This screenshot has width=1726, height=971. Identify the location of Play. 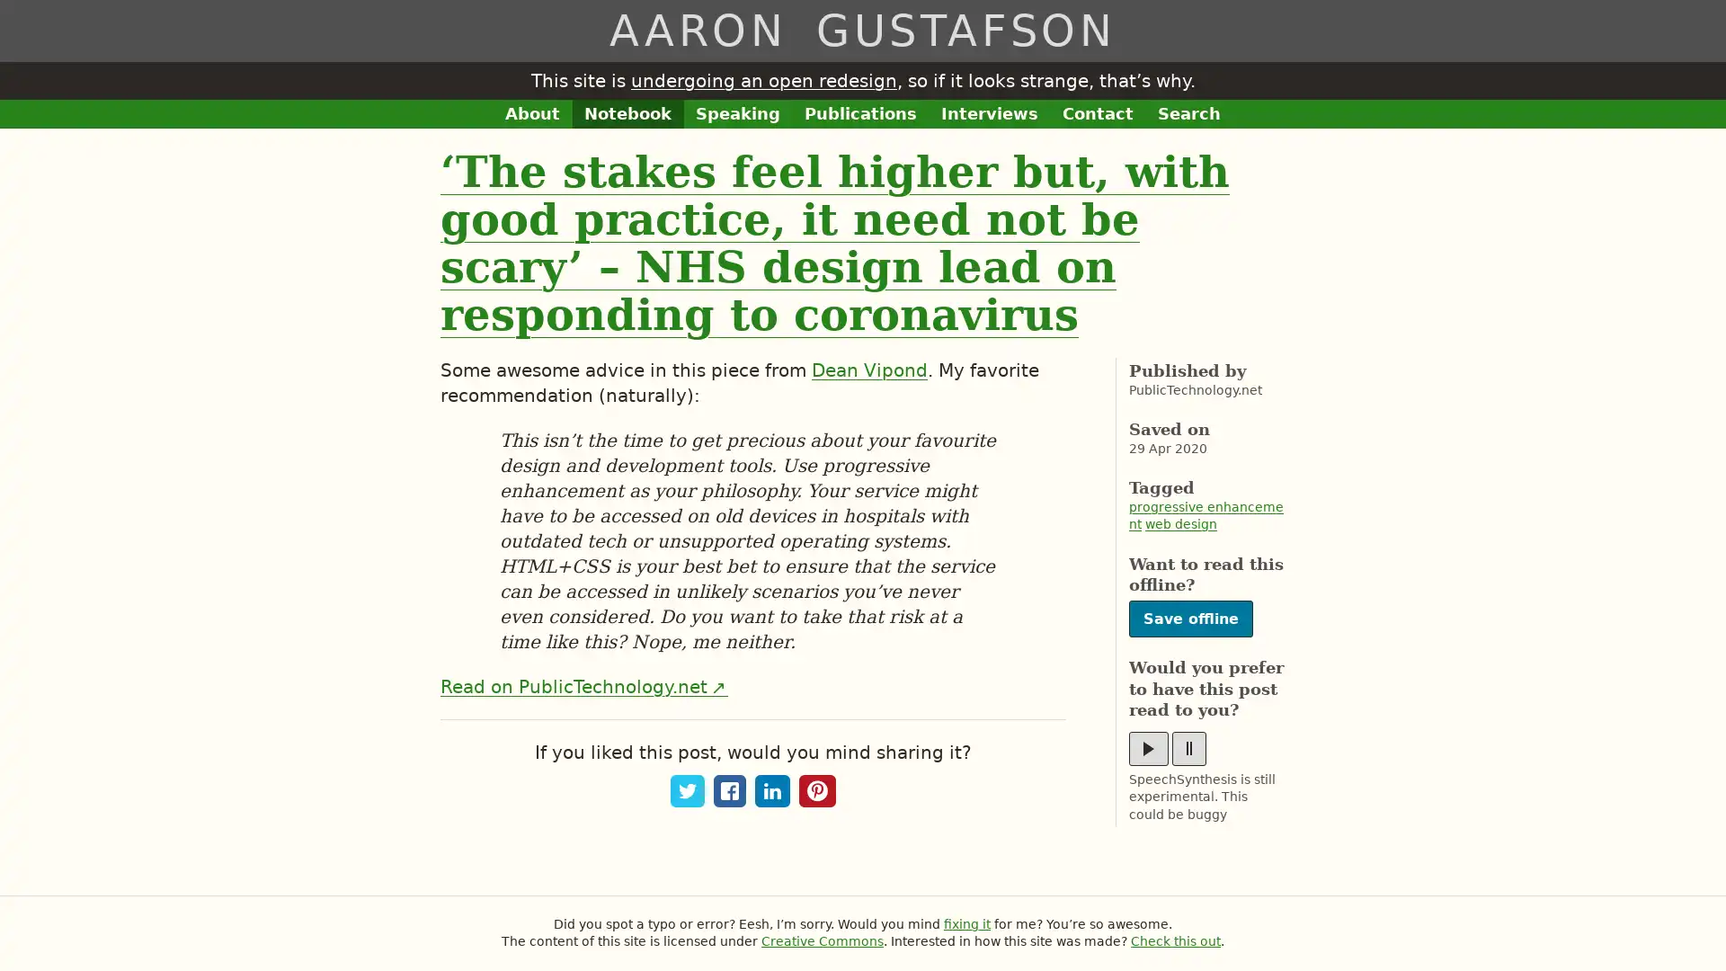
(1147, 748).